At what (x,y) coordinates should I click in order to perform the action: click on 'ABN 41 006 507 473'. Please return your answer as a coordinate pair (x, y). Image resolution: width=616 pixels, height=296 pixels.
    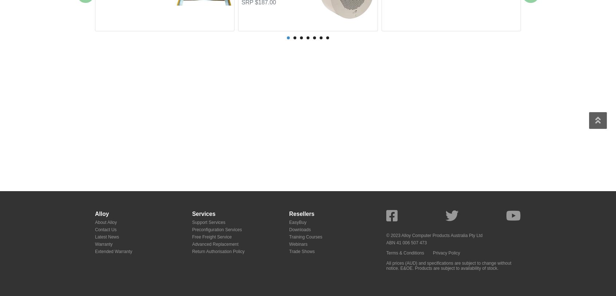
    Looking at the image, I should click on (406, 242).